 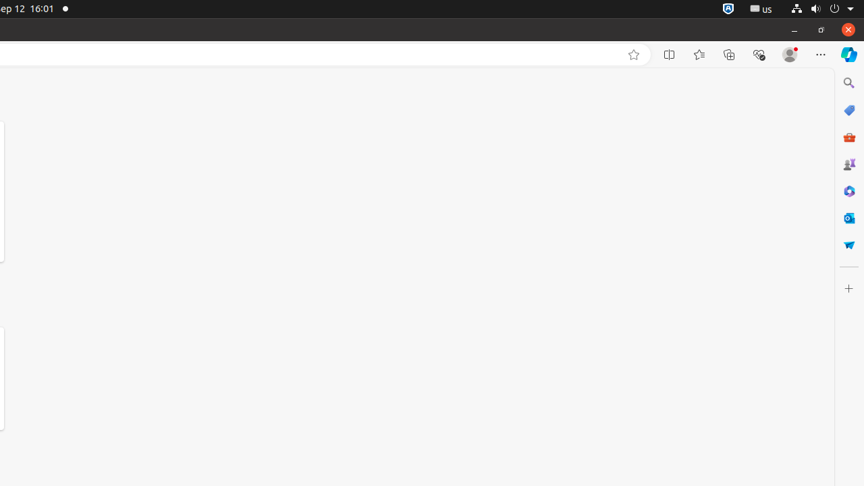 I want to click on 'Profile 1 Profile, Please sign in', so click(x=790, y=54).